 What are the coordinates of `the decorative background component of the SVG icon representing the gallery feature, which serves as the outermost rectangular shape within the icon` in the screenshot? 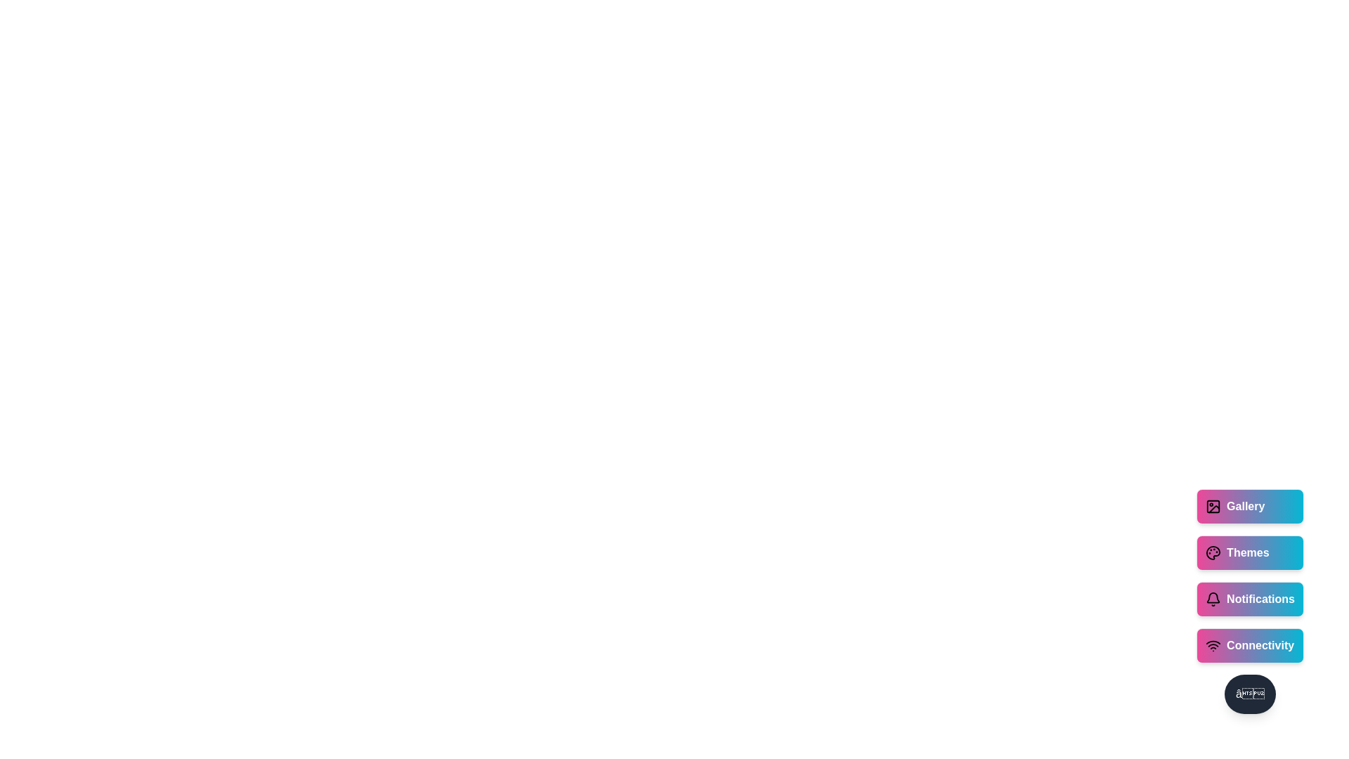 It's located at (1213, 507).